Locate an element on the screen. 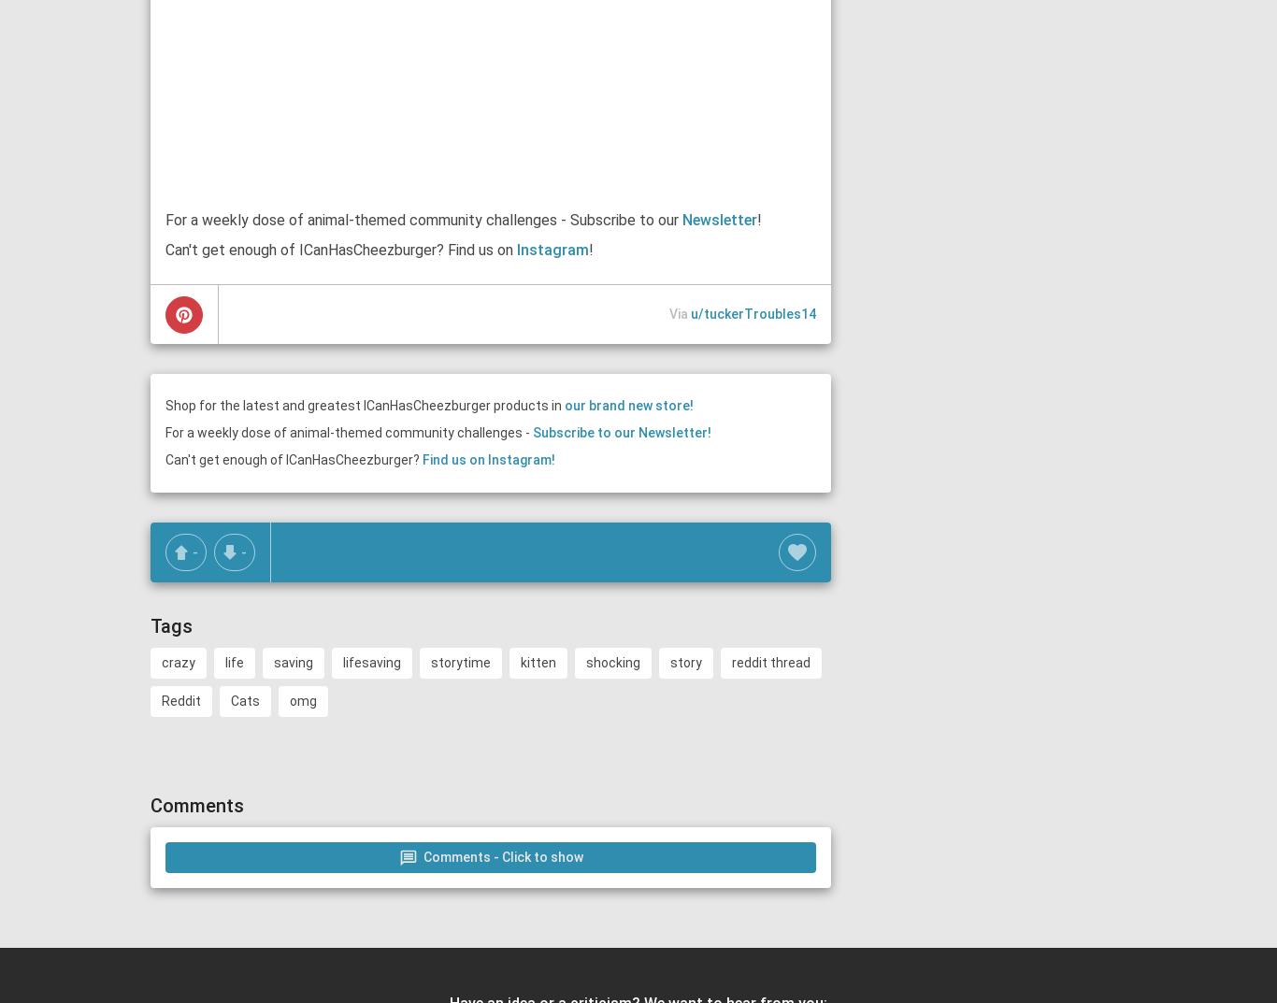  'Subscribe to our Newsletter!' is located at coordinates (621, 432).